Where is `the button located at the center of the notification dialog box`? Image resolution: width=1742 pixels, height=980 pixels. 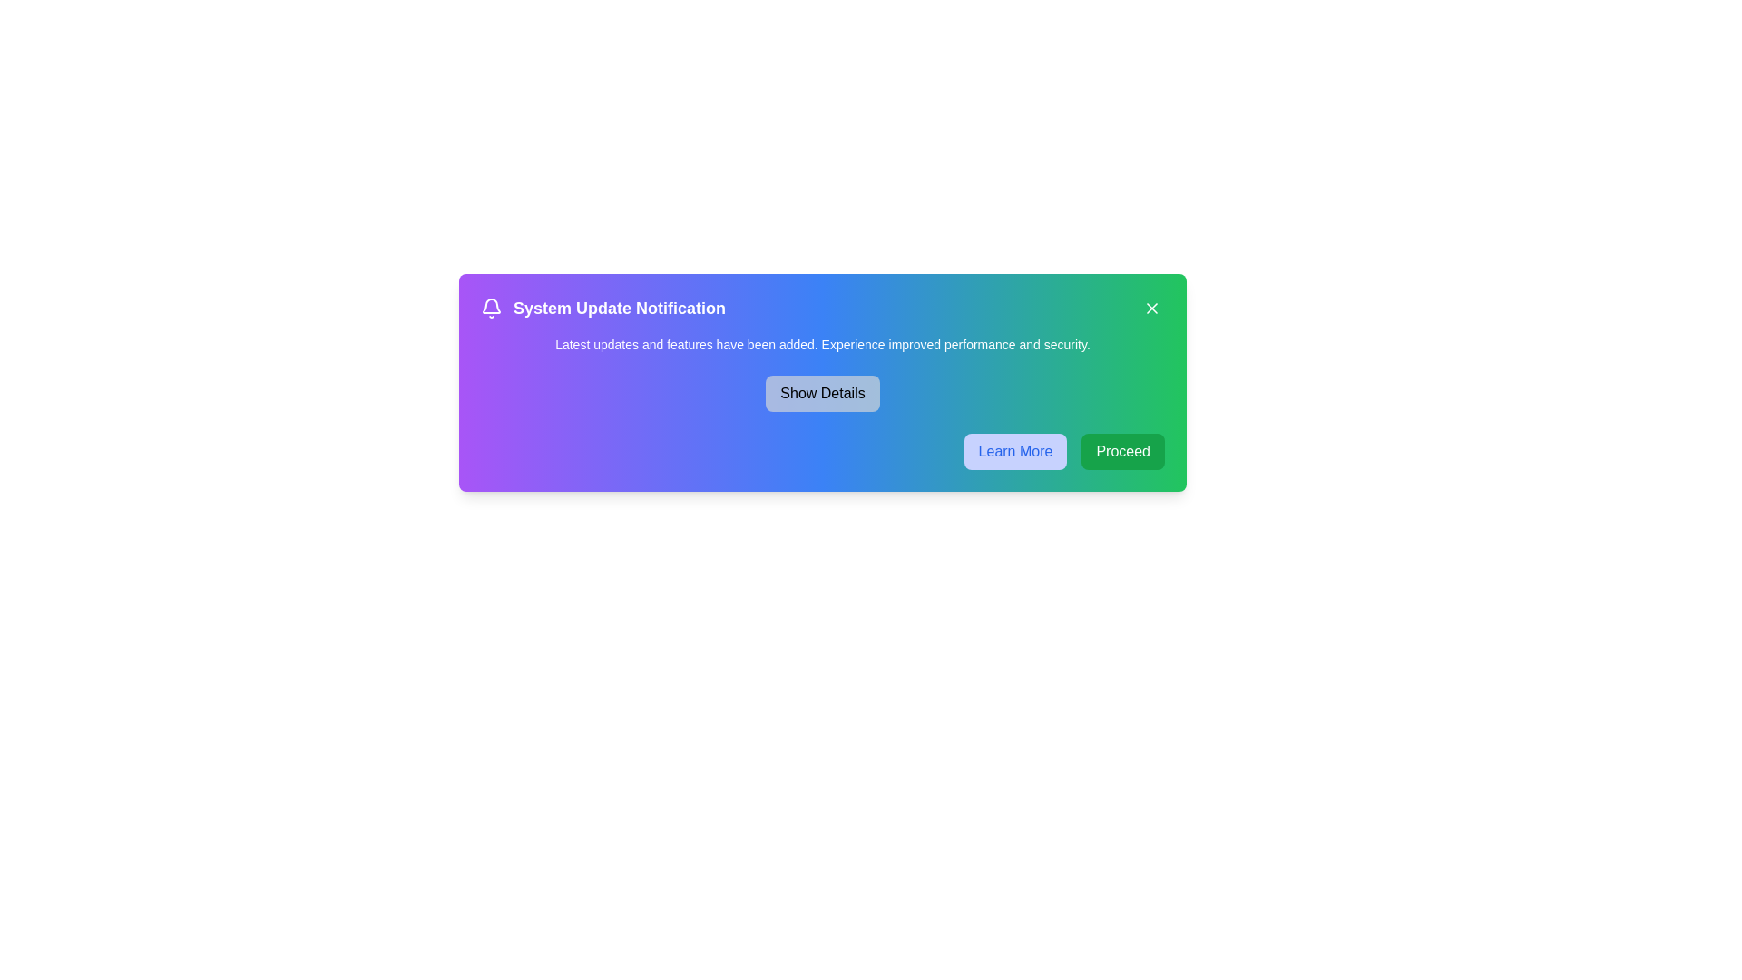
the button located at the center of the notification dialog box is located at coordinates (822, 393).